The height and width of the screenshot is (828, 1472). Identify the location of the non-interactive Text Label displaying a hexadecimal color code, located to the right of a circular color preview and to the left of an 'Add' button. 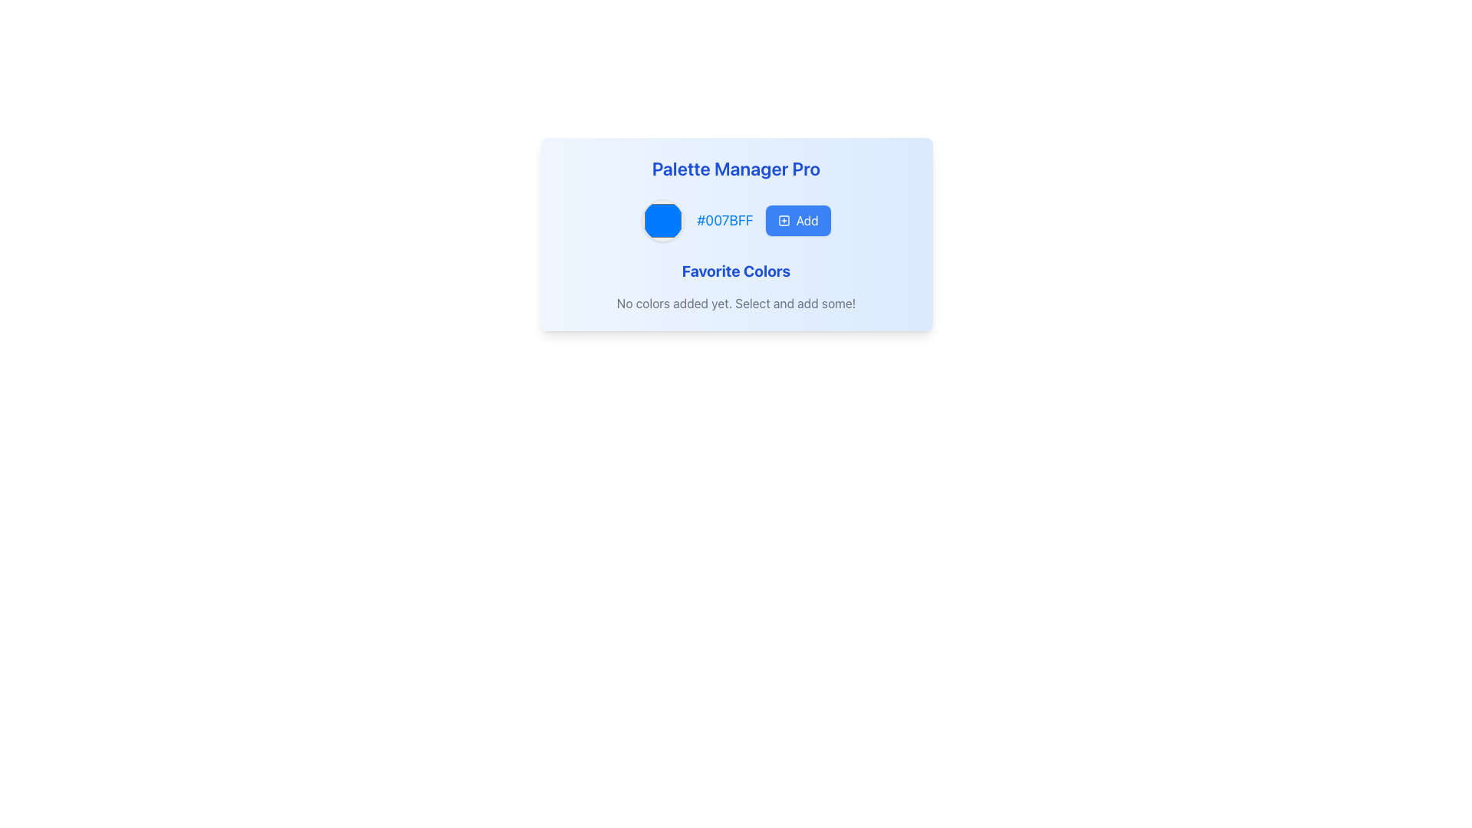
(724, 221).